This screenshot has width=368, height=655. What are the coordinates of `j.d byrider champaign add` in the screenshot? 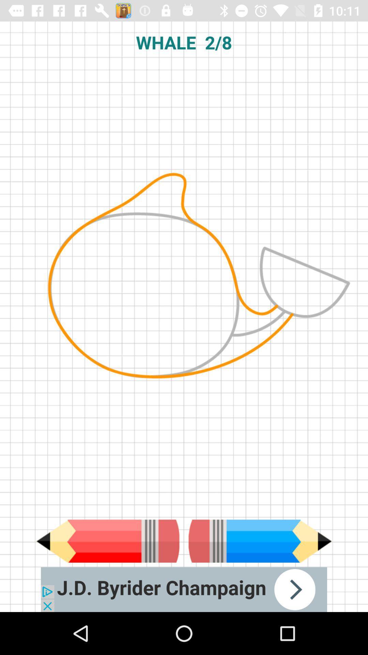 It's located at (184, 589).